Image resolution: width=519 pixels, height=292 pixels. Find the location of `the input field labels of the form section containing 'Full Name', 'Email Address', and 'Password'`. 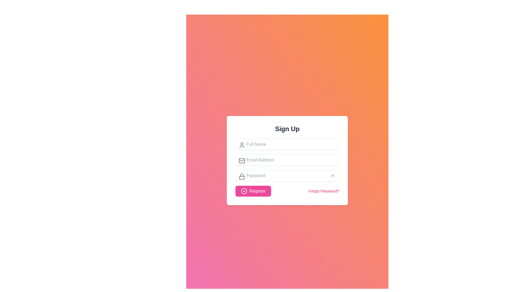

the input field labels of the form section containing 'Full Name', 'Email Address', and 'Password' is located at coordinates (287, 167).